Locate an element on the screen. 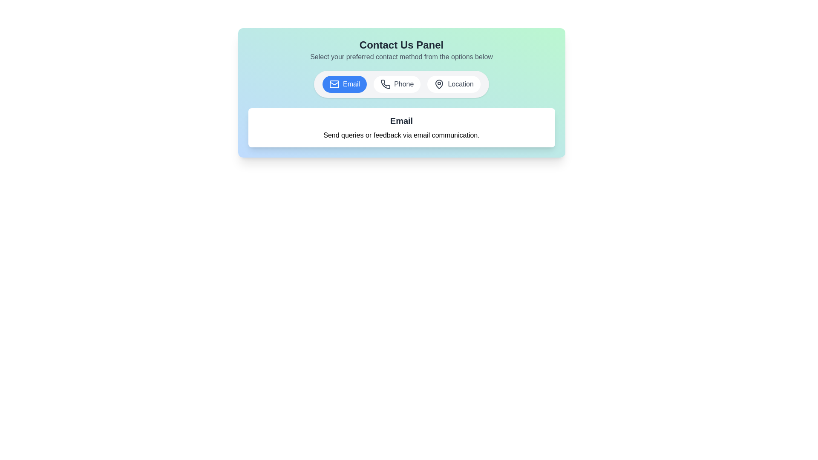 The image size is (818, 460). the Informational panel with a white background that contains the heading 'Email' and the description 'Send queries or feedback via email communication.' is located at coordinates (401, 128).